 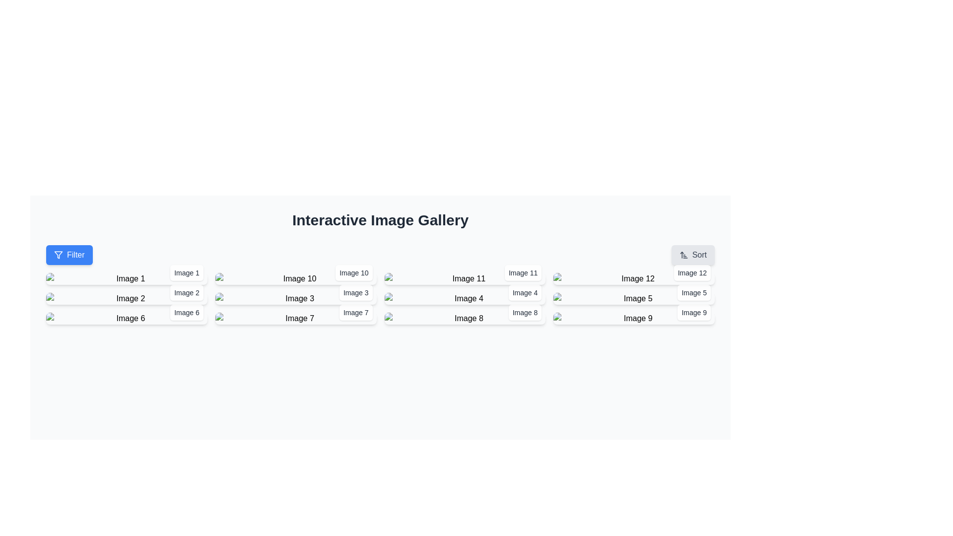 I want to click on the header text 'Interactive Image Gallery' for copying purposes by clicking on it, so click(x=380, y=219).